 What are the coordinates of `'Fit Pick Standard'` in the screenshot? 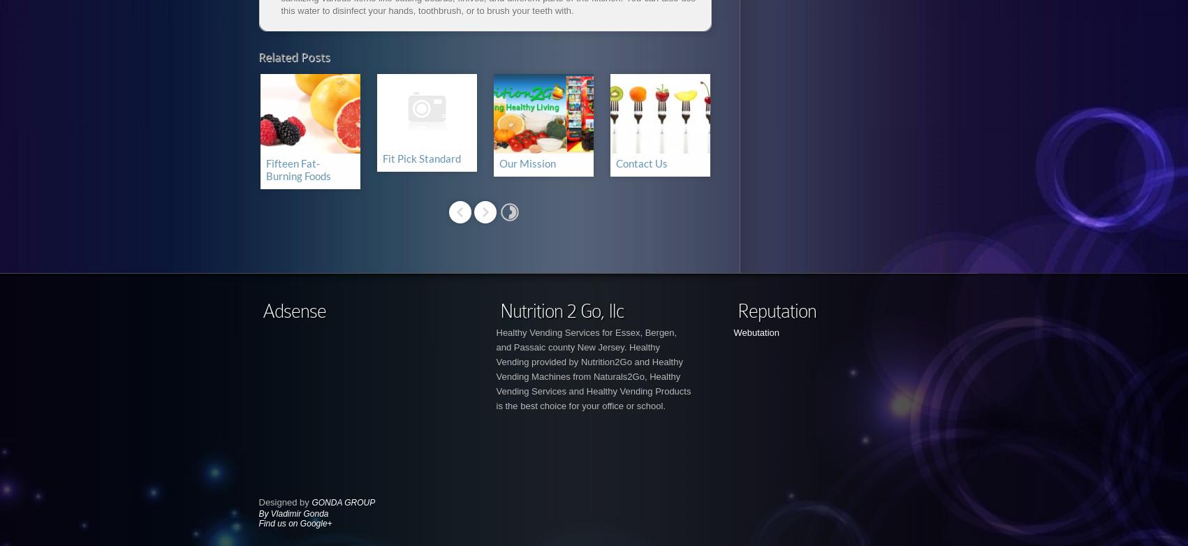 It's located at (421, 158).